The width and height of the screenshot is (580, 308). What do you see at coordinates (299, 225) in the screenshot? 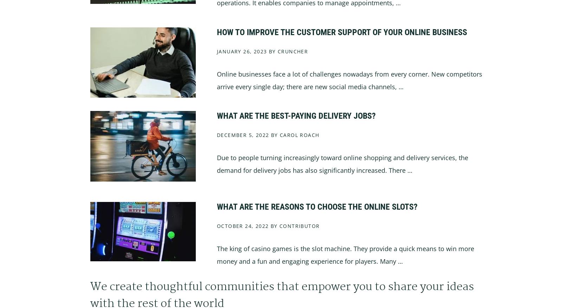
I see `'Contributor'` at bounding box center [299, 225].